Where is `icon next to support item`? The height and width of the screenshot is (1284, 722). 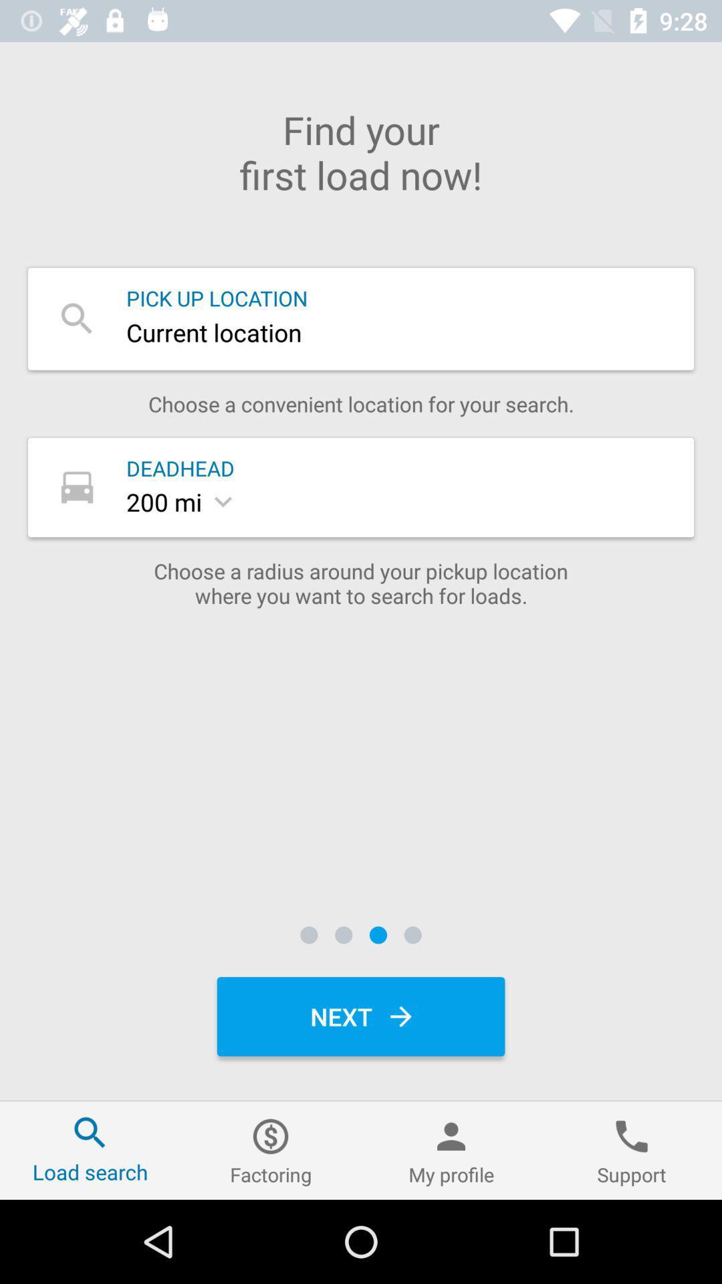 icon next to support item is located at coordinates (451, 1150).